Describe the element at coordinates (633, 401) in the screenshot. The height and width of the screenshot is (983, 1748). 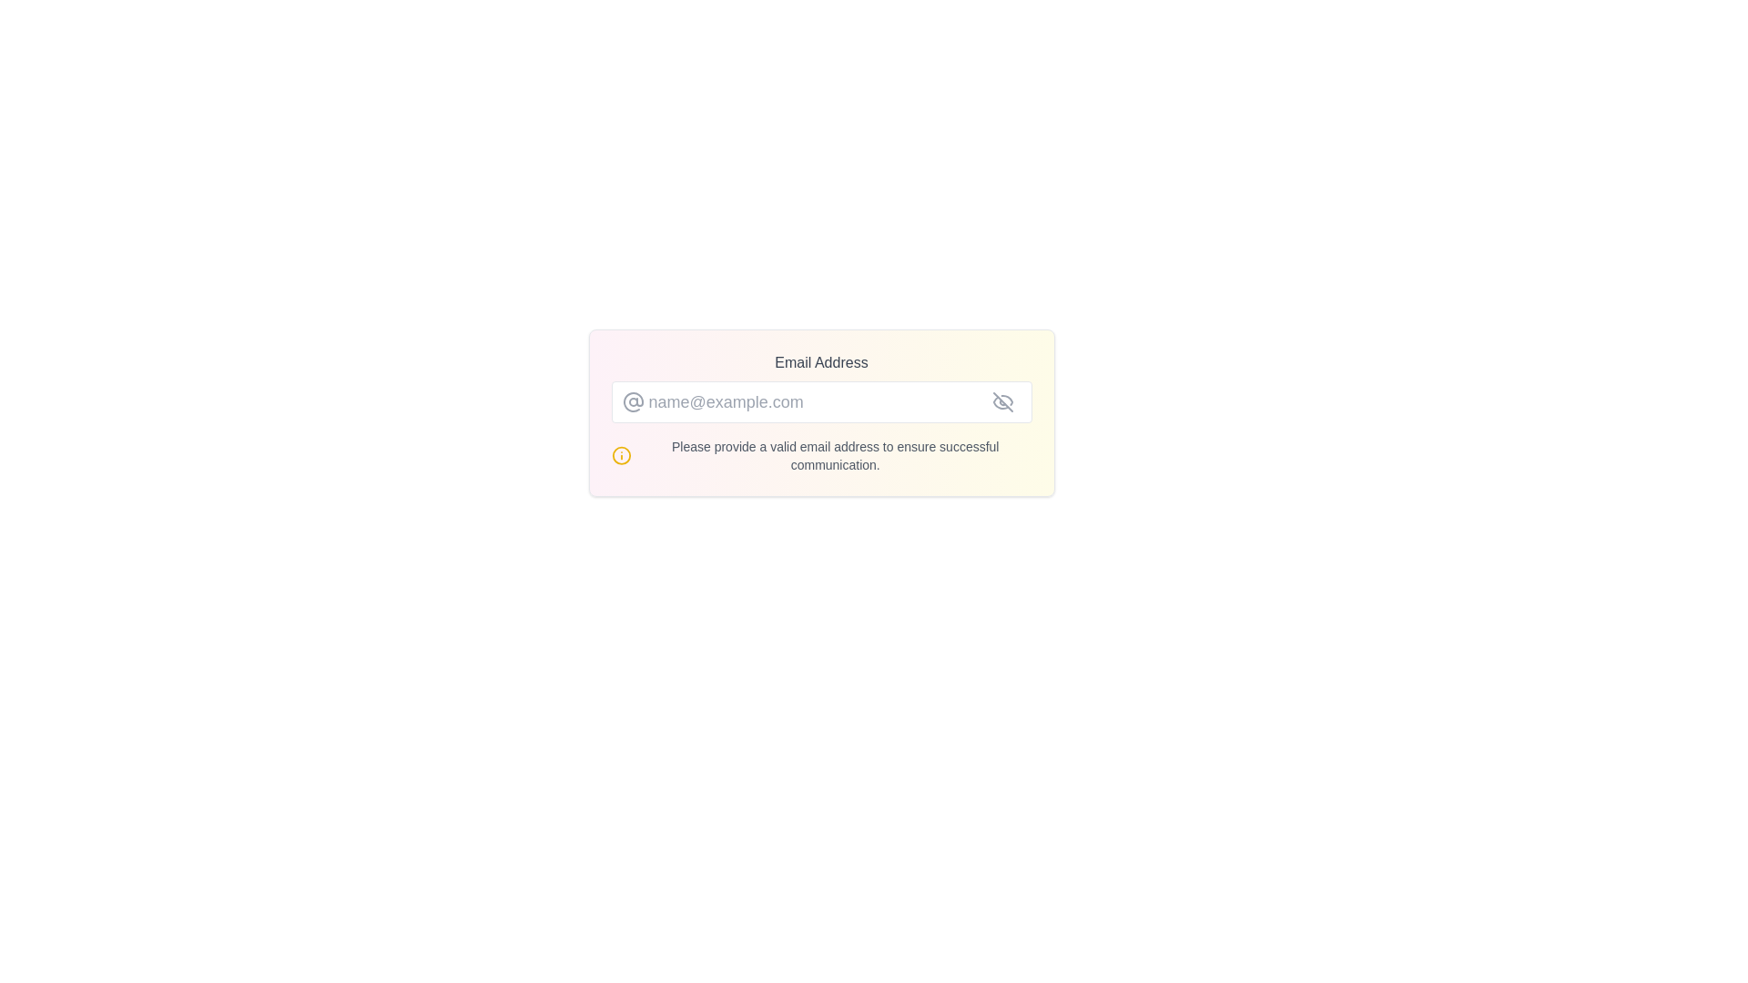
I see `the Icon (Visual Indicator) resembling an email symbol '@' with a cross marker inside, located to the left of the email input field` at that location.